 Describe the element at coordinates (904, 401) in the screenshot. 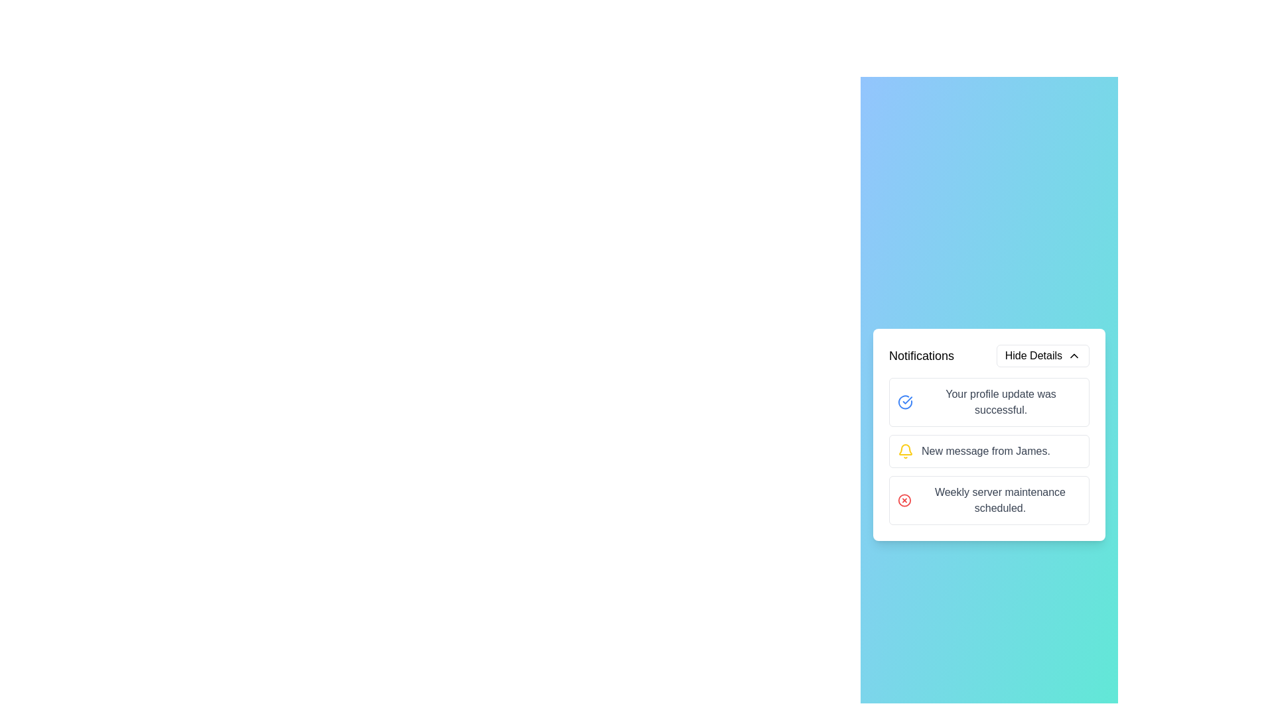

I see `significance of the success icon located to the left of the text 'Your profile update was successful.'` at that location.